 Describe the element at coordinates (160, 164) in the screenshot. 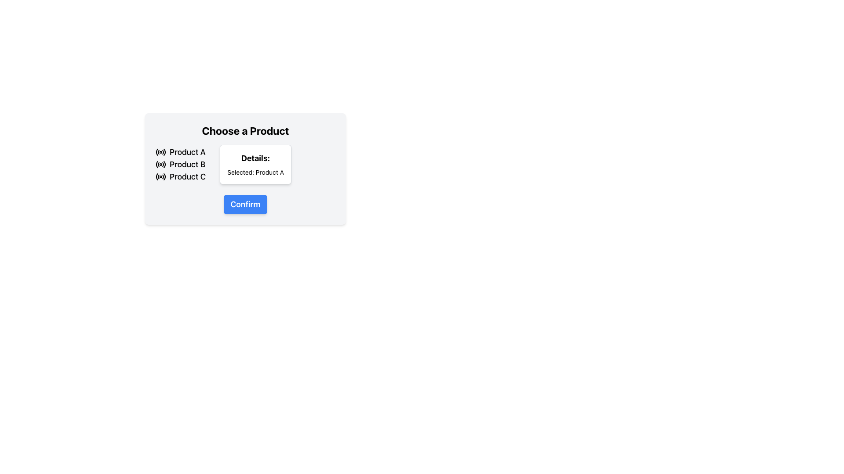

I see `the active radio button styled as a circular selection indicator next to the text 'Product B'` at that location.